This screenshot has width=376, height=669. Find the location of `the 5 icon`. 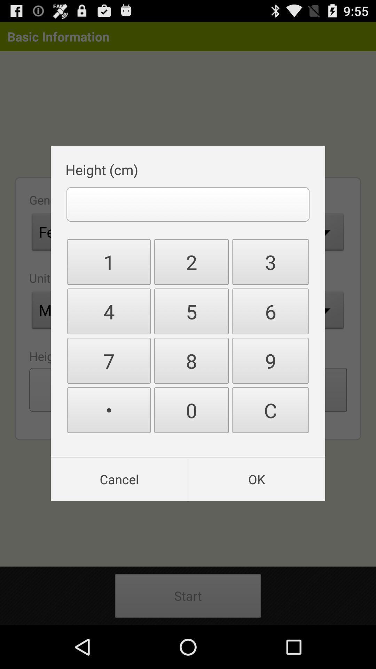

the 5 icon is located at coordinates (191, 311).